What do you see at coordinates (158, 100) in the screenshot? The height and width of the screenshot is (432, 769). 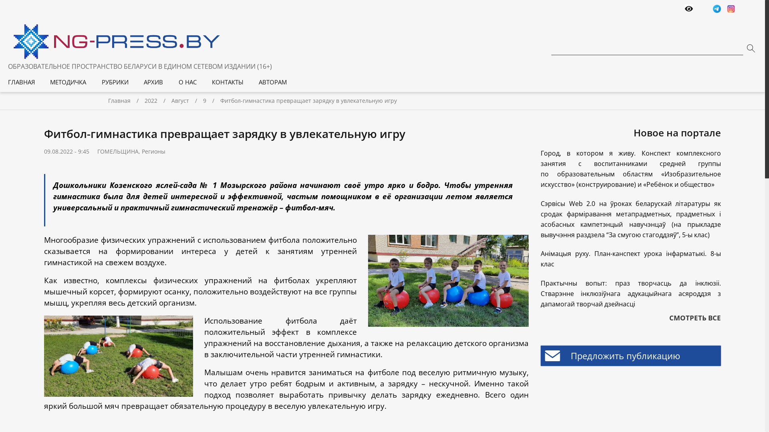 I see `'2022'` at bounding box center [158, 100].